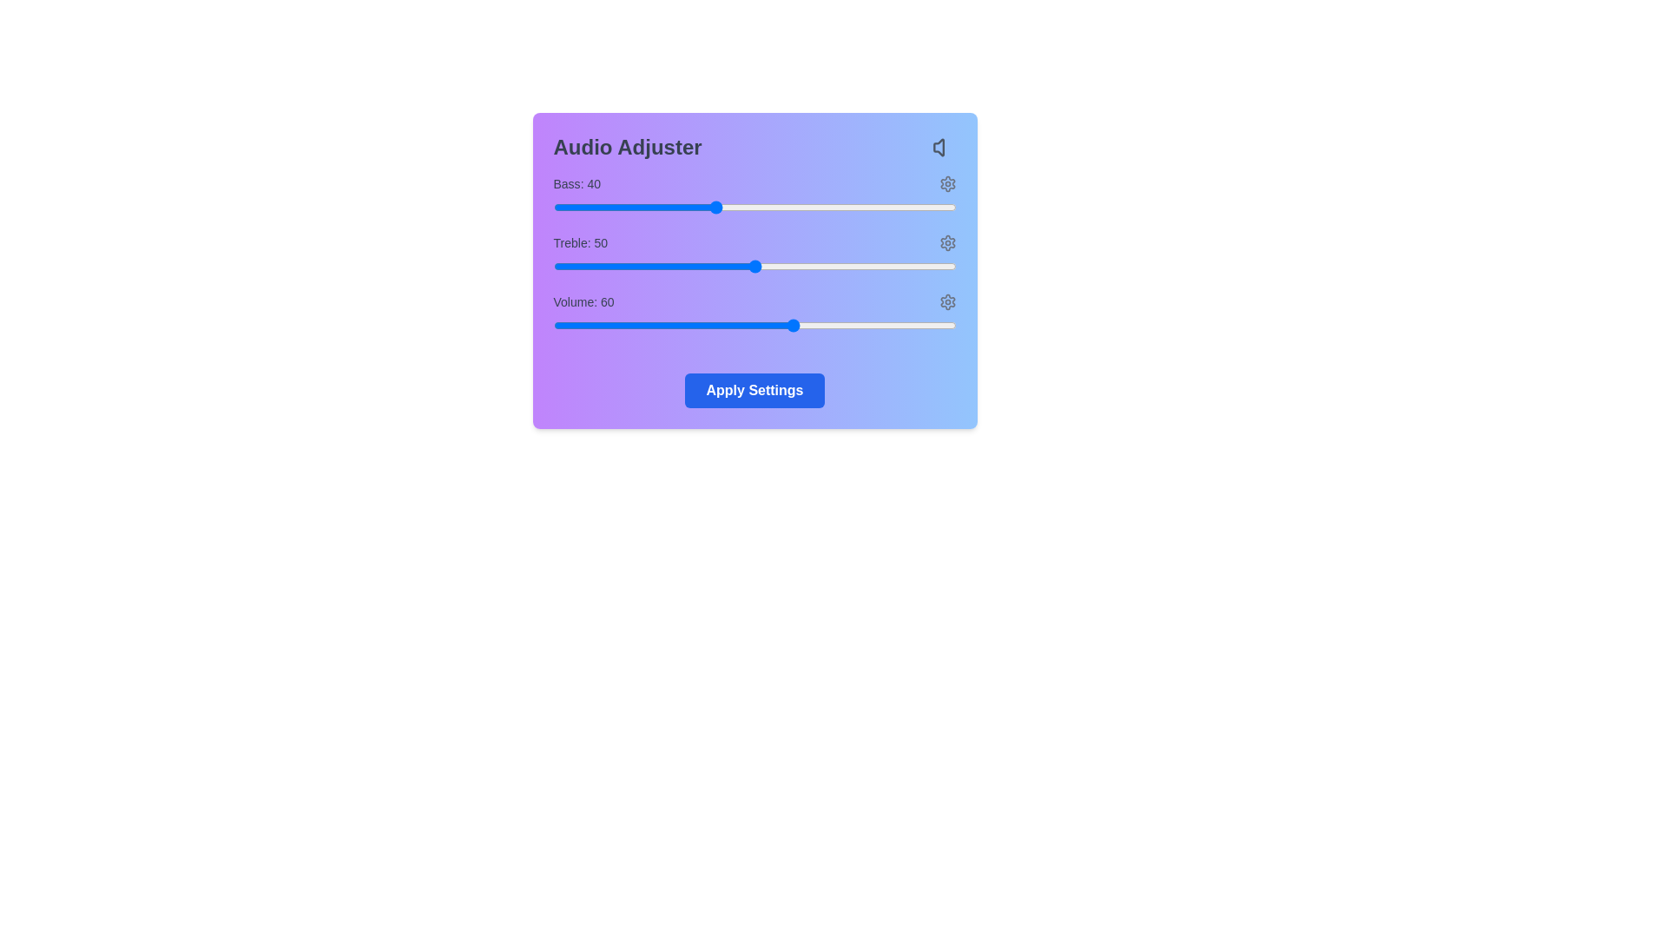 The width and height of the screenshot is (1667, 938). I want to click on the treble level, so click(552, 267).